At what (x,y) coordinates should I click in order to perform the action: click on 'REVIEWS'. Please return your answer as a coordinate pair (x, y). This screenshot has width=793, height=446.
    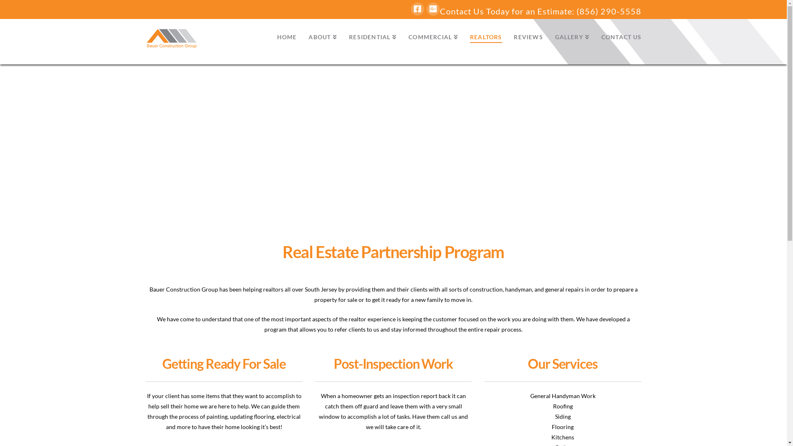
    Looking at the image, I should click on (527, 38).